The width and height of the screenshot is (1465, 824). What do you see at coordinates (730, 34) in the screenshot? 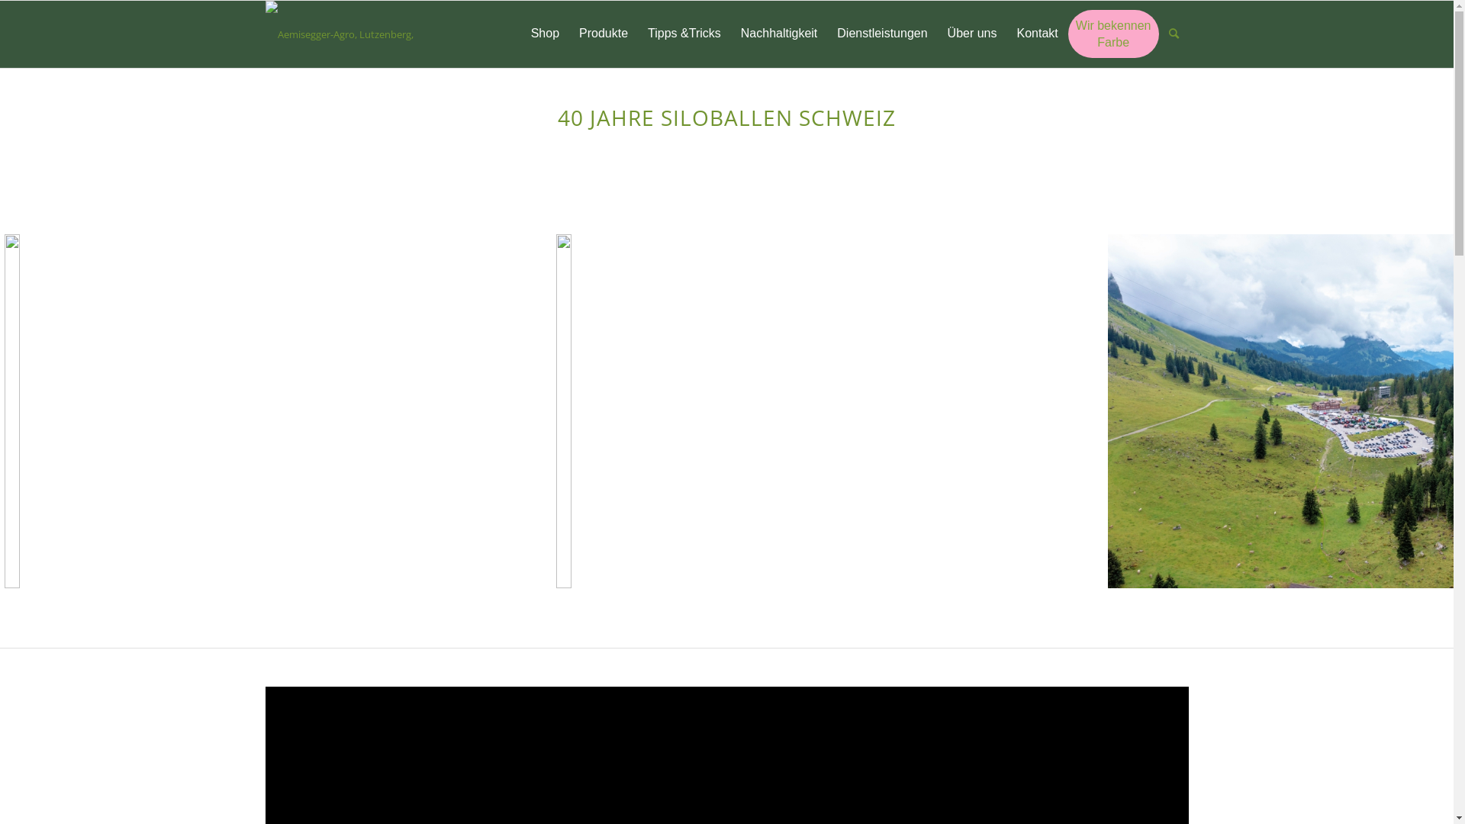
I see `'Nachhaltigkeit'` at bounding box center [730, 34].